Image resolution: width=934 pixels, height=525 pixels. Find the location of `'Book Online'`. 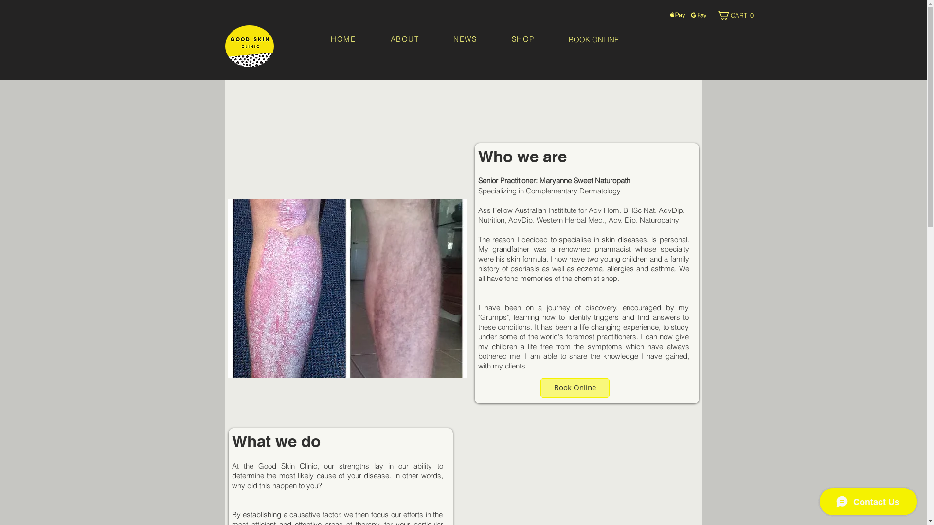

'Book Online' is located at coordinates (574, 387).